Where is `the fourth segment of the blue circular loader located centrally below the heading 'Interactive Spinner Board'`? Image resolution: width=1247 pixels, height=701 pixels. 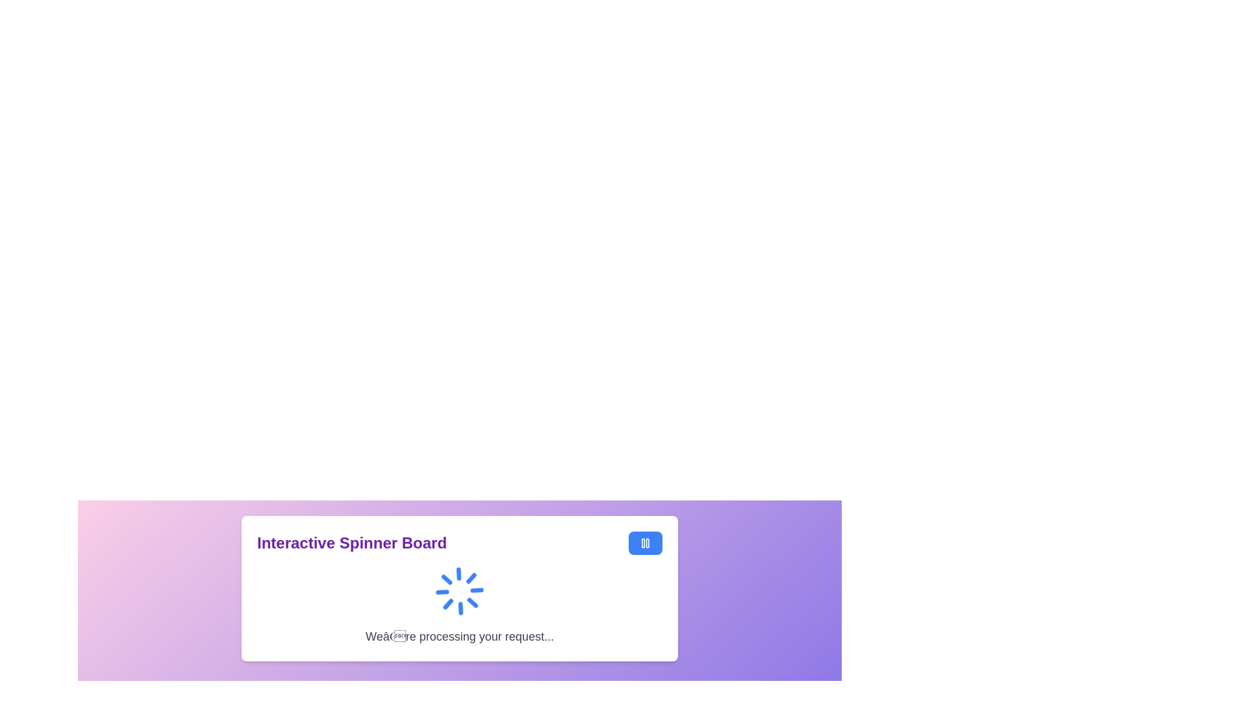
the fourth segment of the blue circular loader located centrally below the heading 'Interactive Spinner Board' is located at coordinates (447, 578).